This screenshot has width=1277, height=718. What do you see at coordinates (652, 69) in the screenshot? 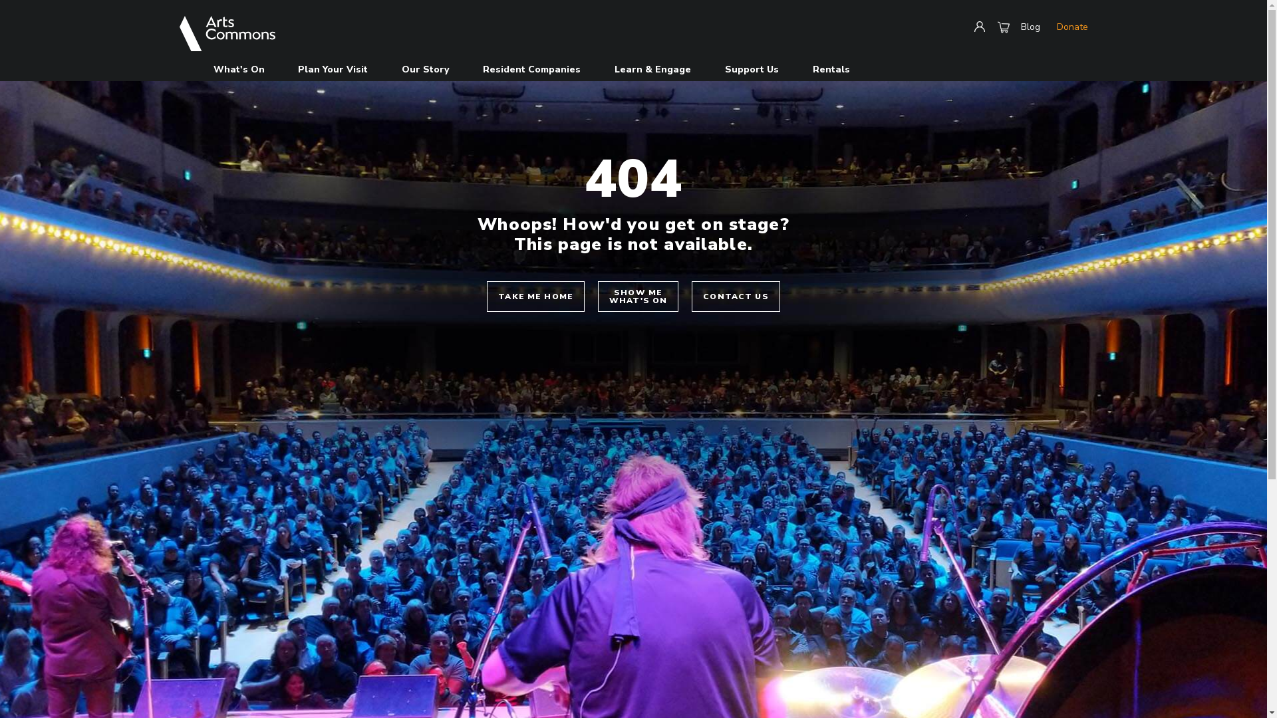
I see `'Learn & Engage'` at bounding box center [652, 69].